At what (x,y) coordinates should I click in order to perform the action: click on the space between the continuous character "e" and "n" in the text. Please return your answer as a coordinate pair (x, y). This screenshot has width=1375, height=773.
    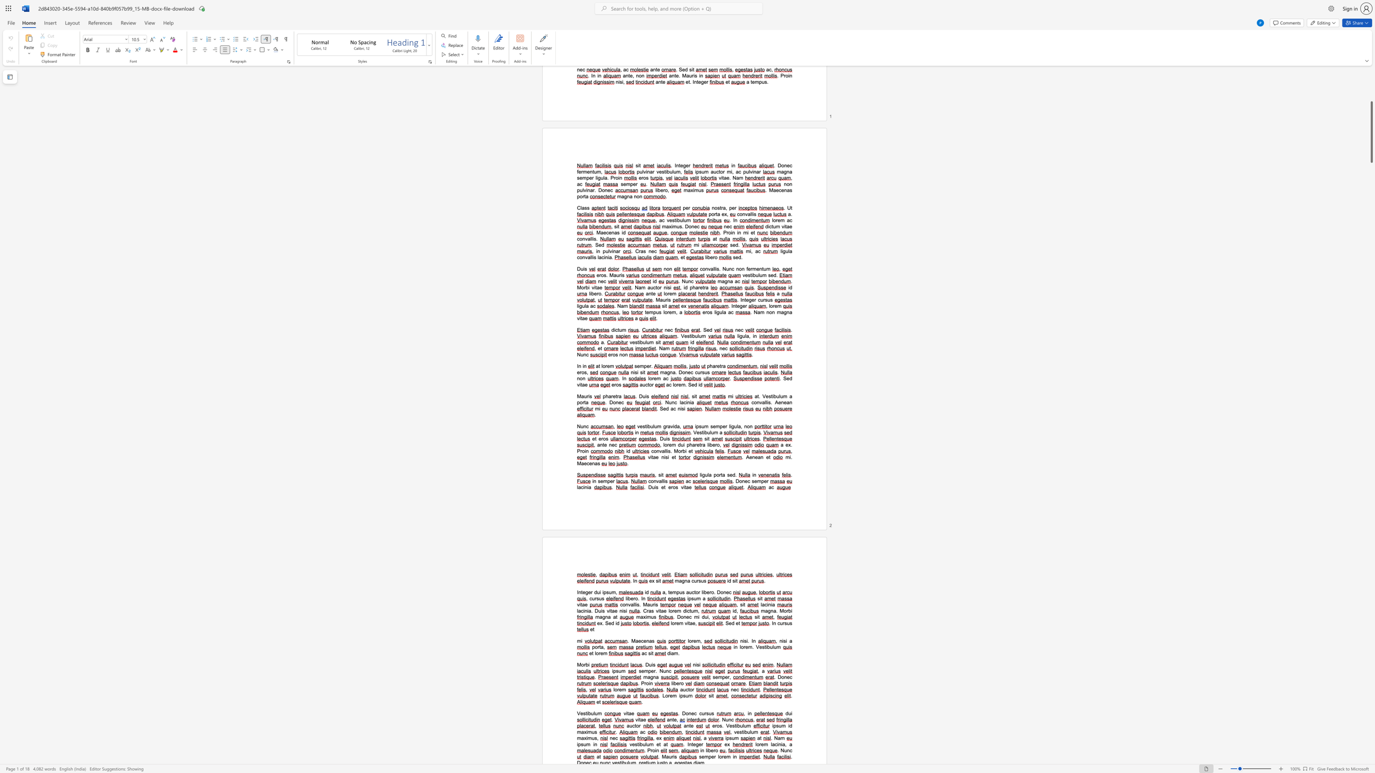
    Looking at the image, I should click on (591, 463).